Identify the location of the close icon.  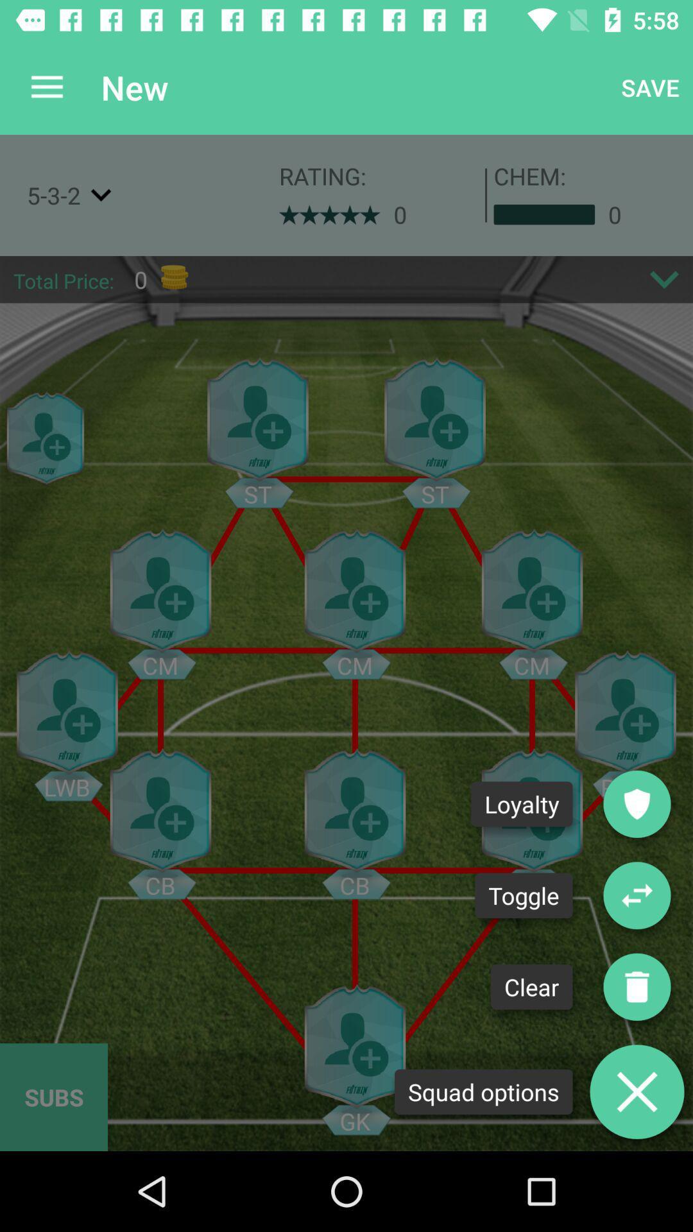
(637, 1091).